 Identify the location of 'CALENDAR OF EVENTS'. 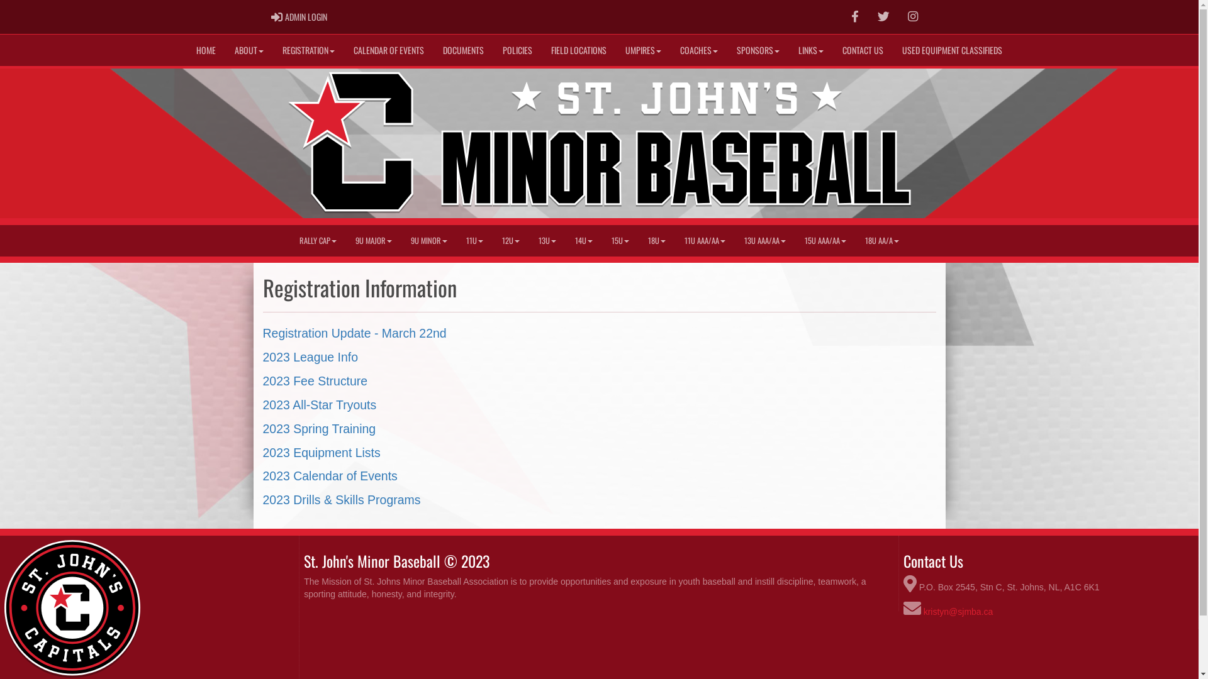
(388, 50).